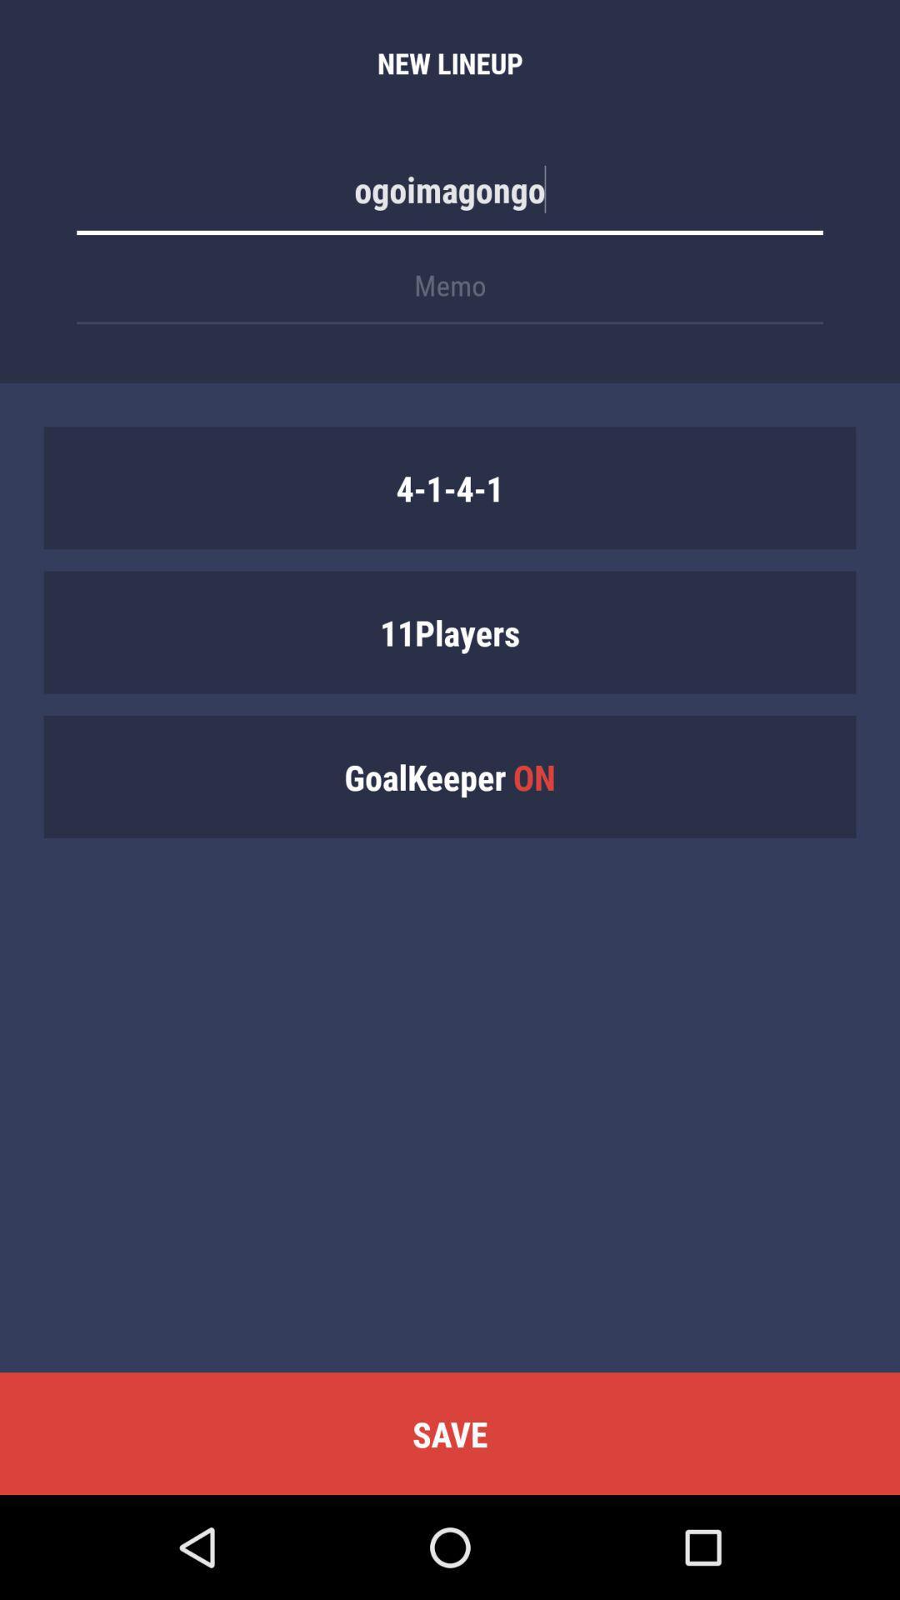  What do you see at coordinates (450, 631) in the screenshot?
I see `the 11players` at bounding box center [450, 631].